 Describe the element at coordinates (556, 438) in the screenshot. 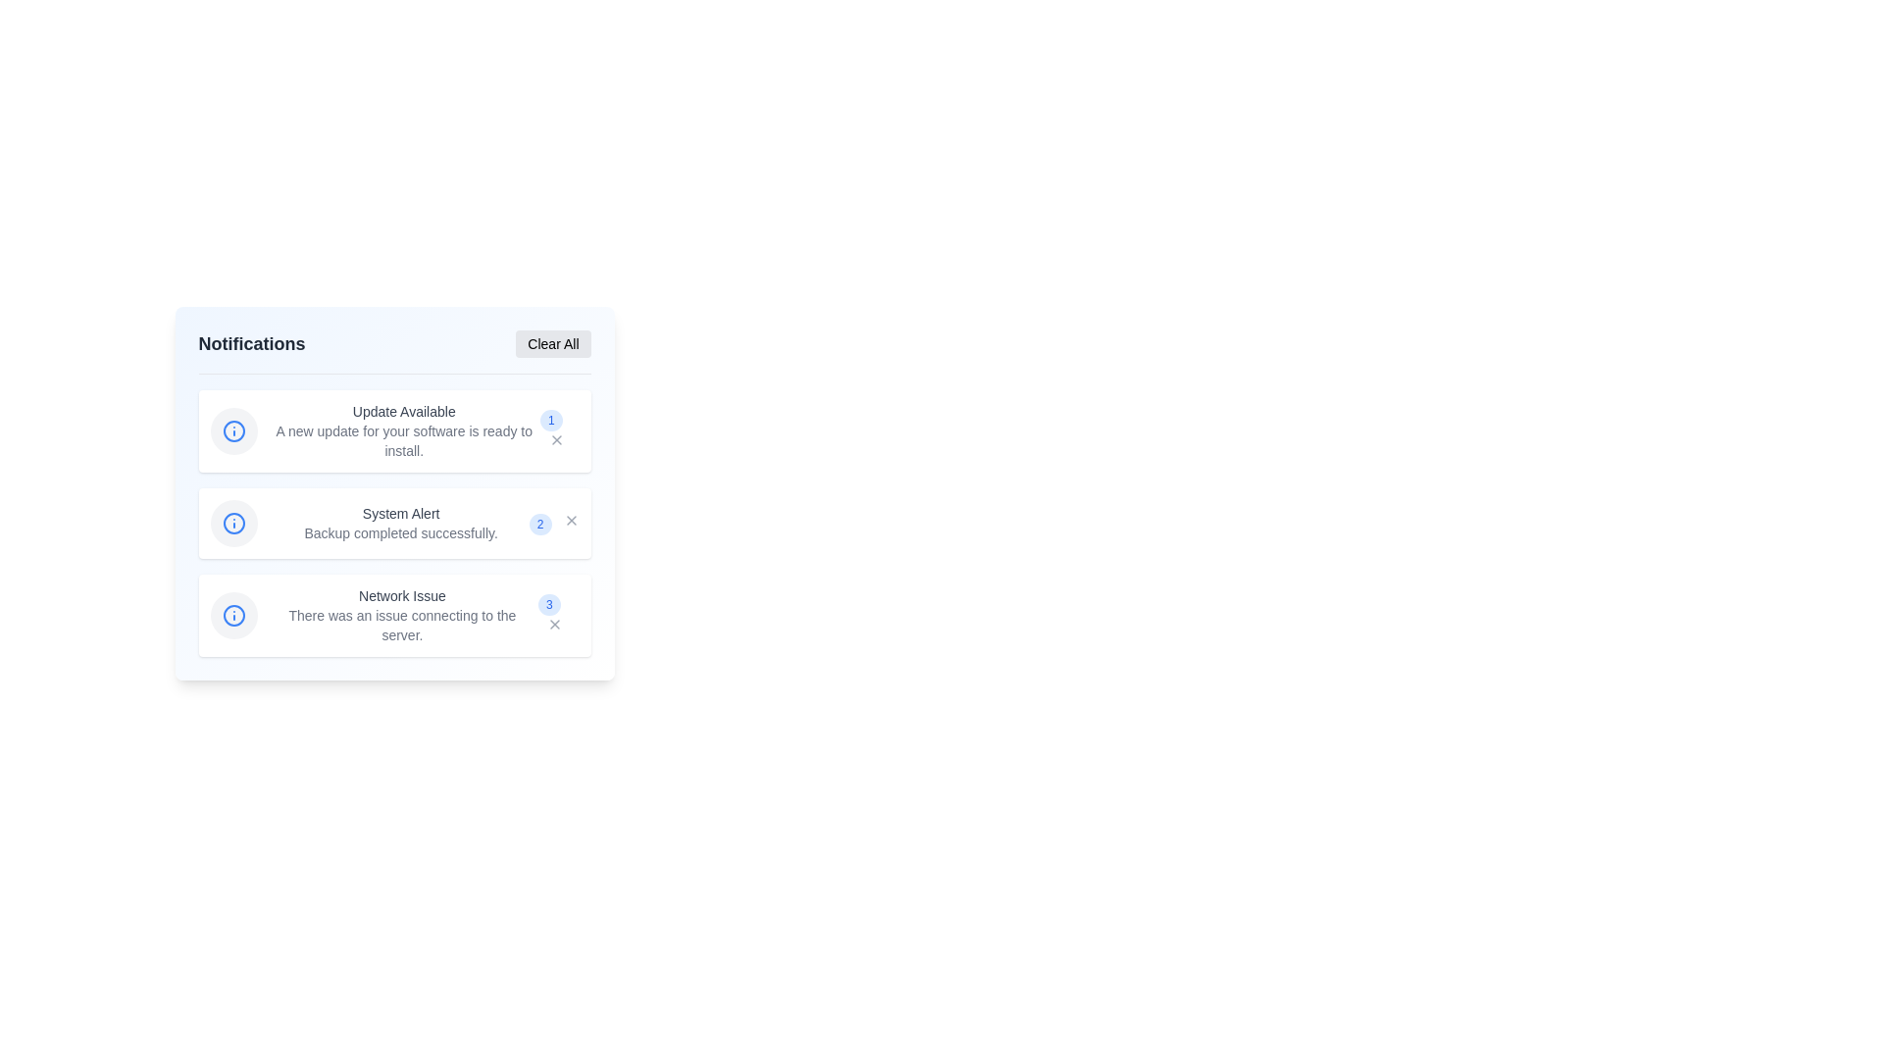

I see `the close button located at the far-right of the 'Update Available' notification` at that location.